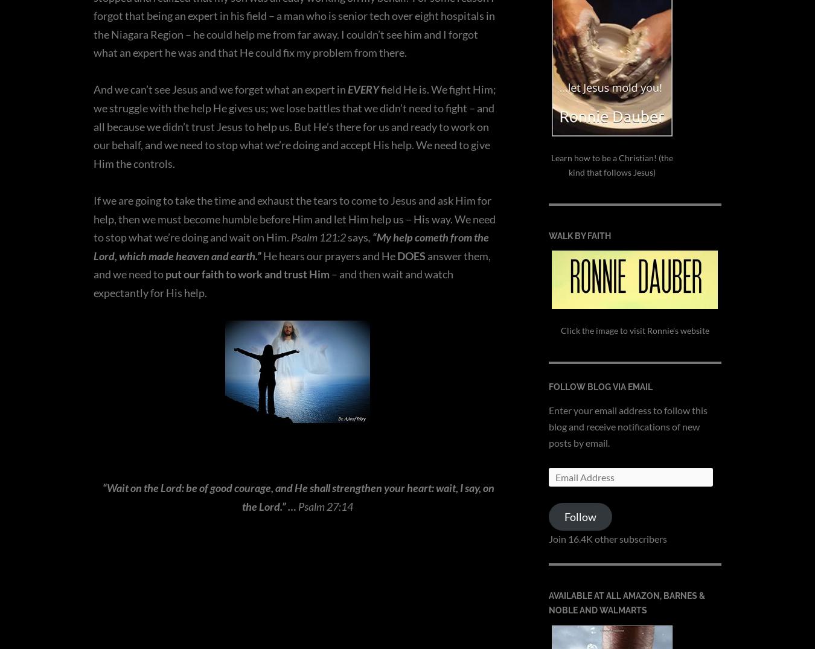 This screenshot has width=815, height=649. What do you see at coordinates (369, 237) in the screenshot?
I see `','` at bounding box center [369, 237].